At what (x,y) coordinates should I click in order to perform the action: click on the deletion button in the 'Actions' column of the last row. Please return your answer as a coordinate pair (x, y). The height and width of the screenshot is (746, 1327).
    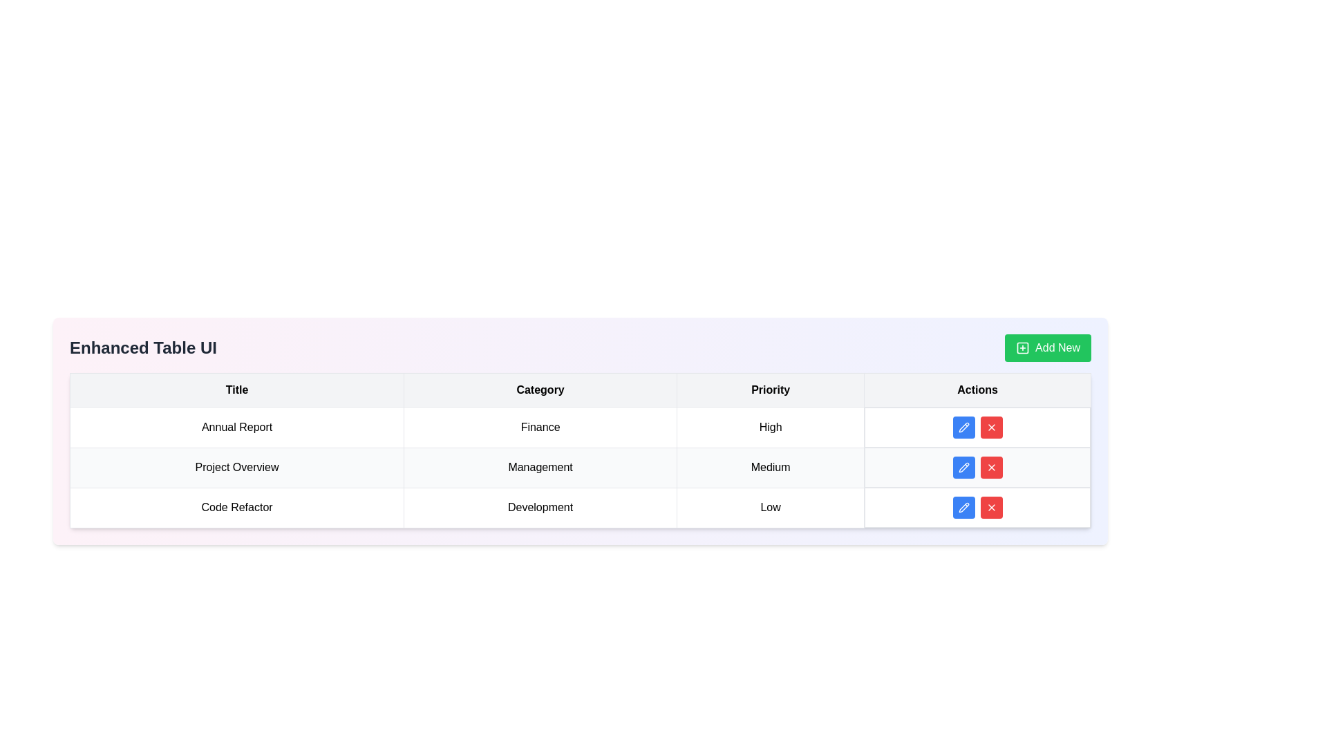
    Looking at the image, I should click on (990, 467).